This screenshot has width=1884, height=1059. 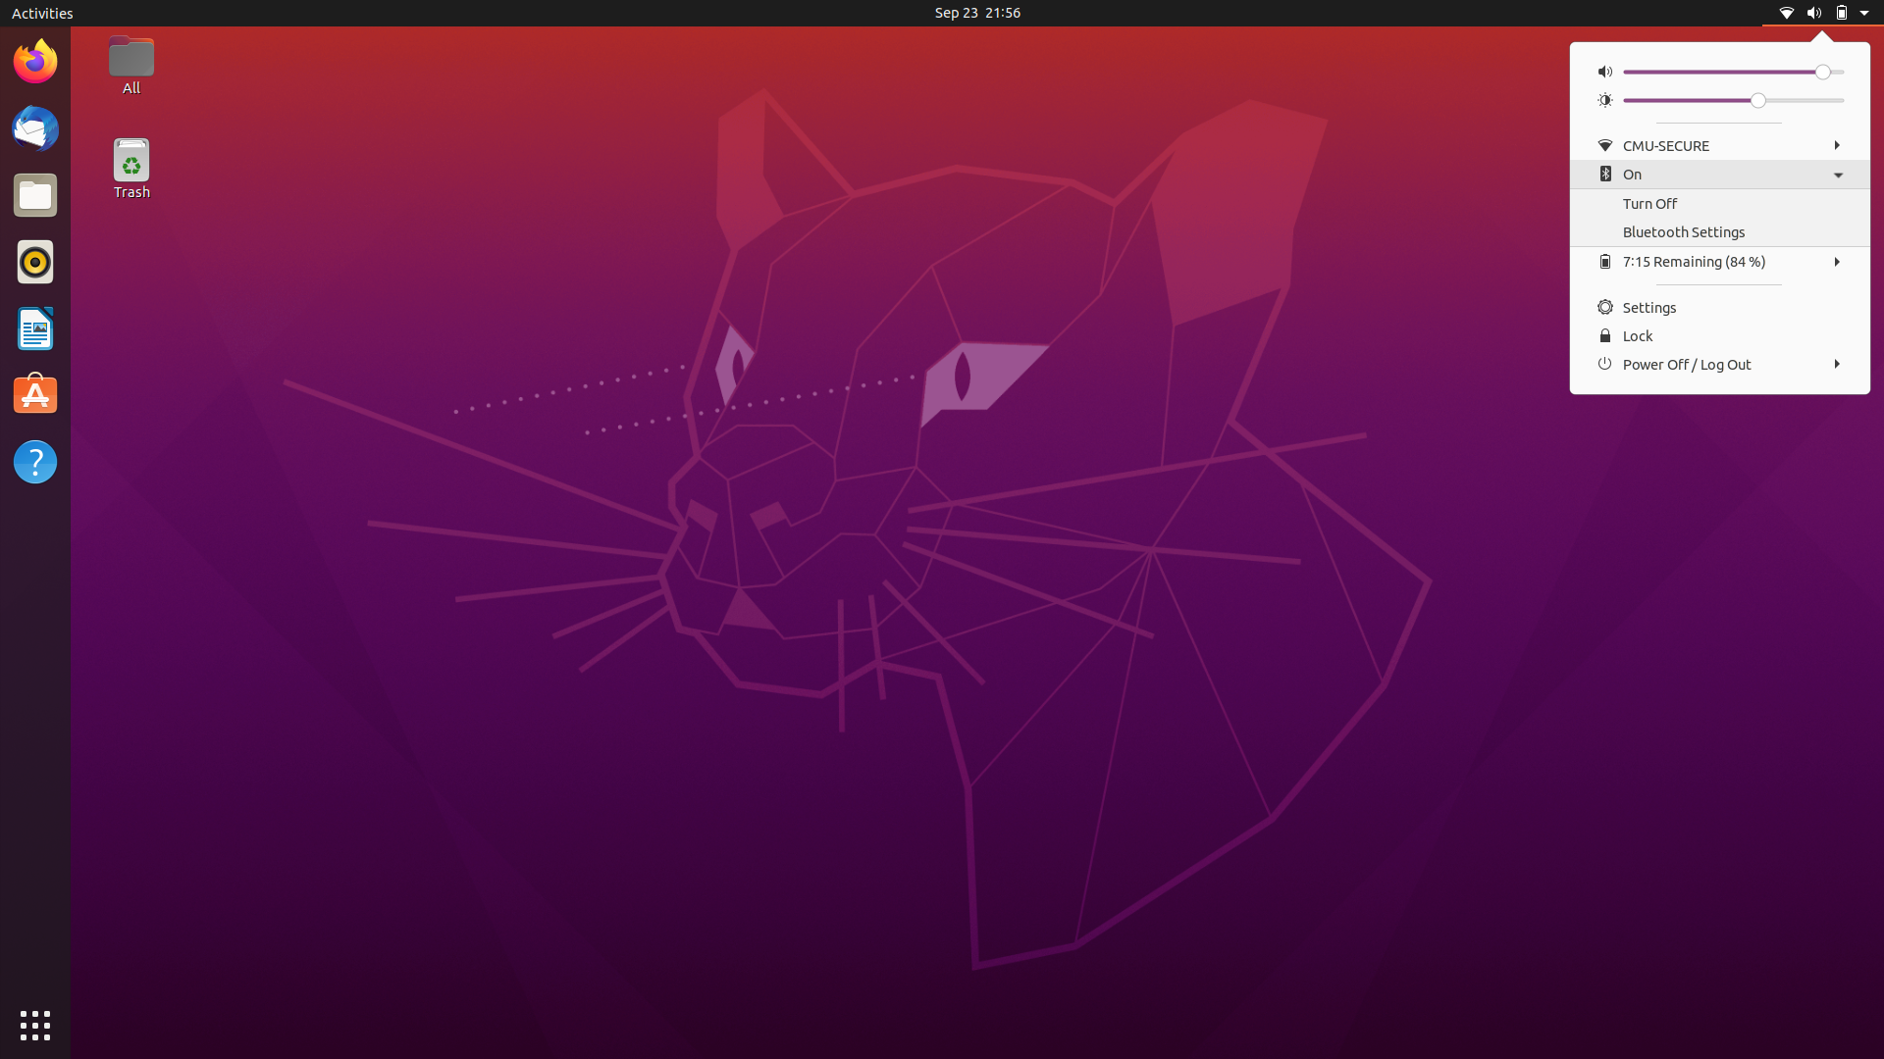 I want to click on Email Application, so click(x=34, y=128).